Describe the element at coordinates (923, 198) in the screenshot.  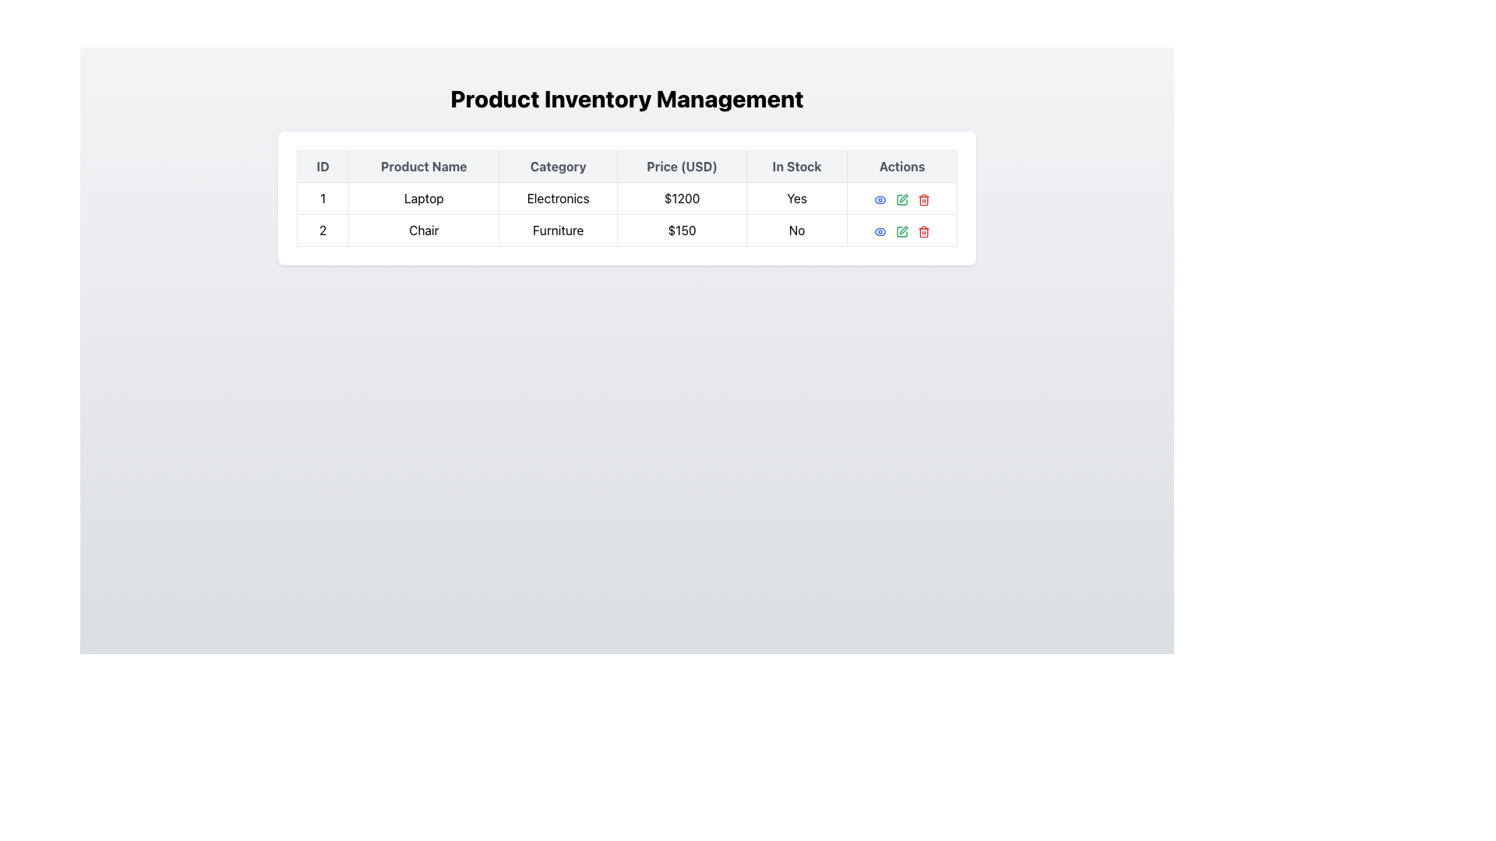
I see `the red trash bin icon button located in the 'Actions' column of the table, specifically for the second item ('Chair') in the inventory` at that location.